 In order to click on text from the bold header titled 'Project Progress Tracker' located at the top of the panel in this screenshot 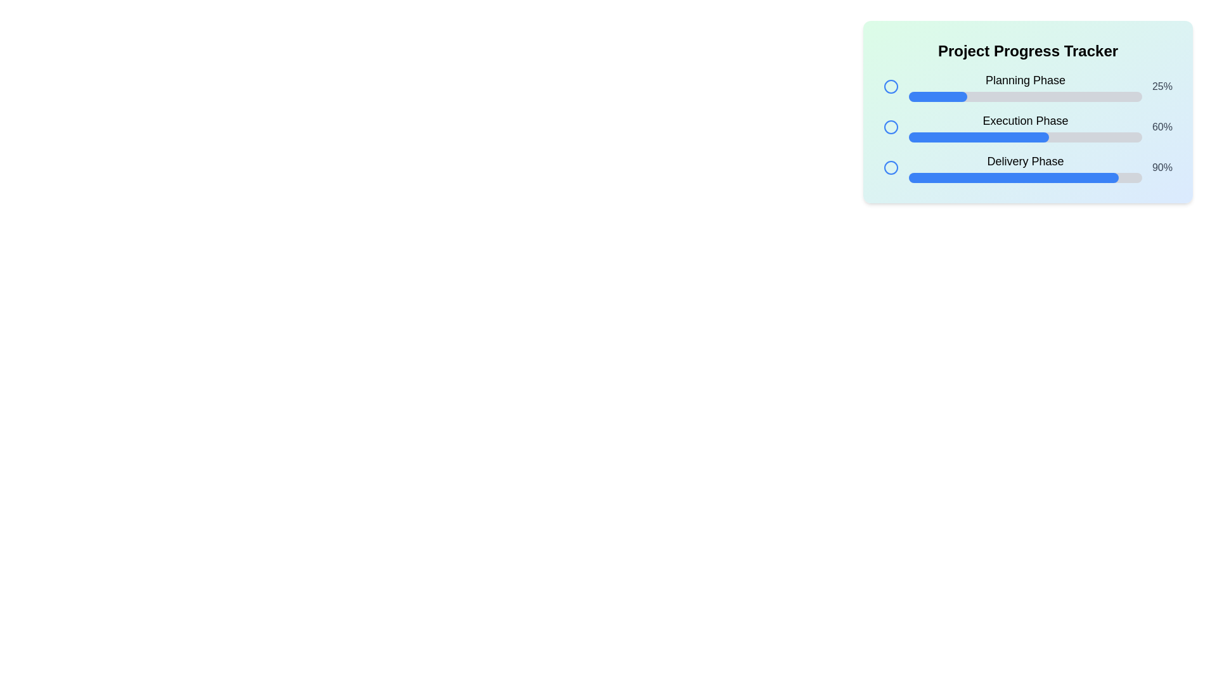, I will do `click(1028, 51)`.